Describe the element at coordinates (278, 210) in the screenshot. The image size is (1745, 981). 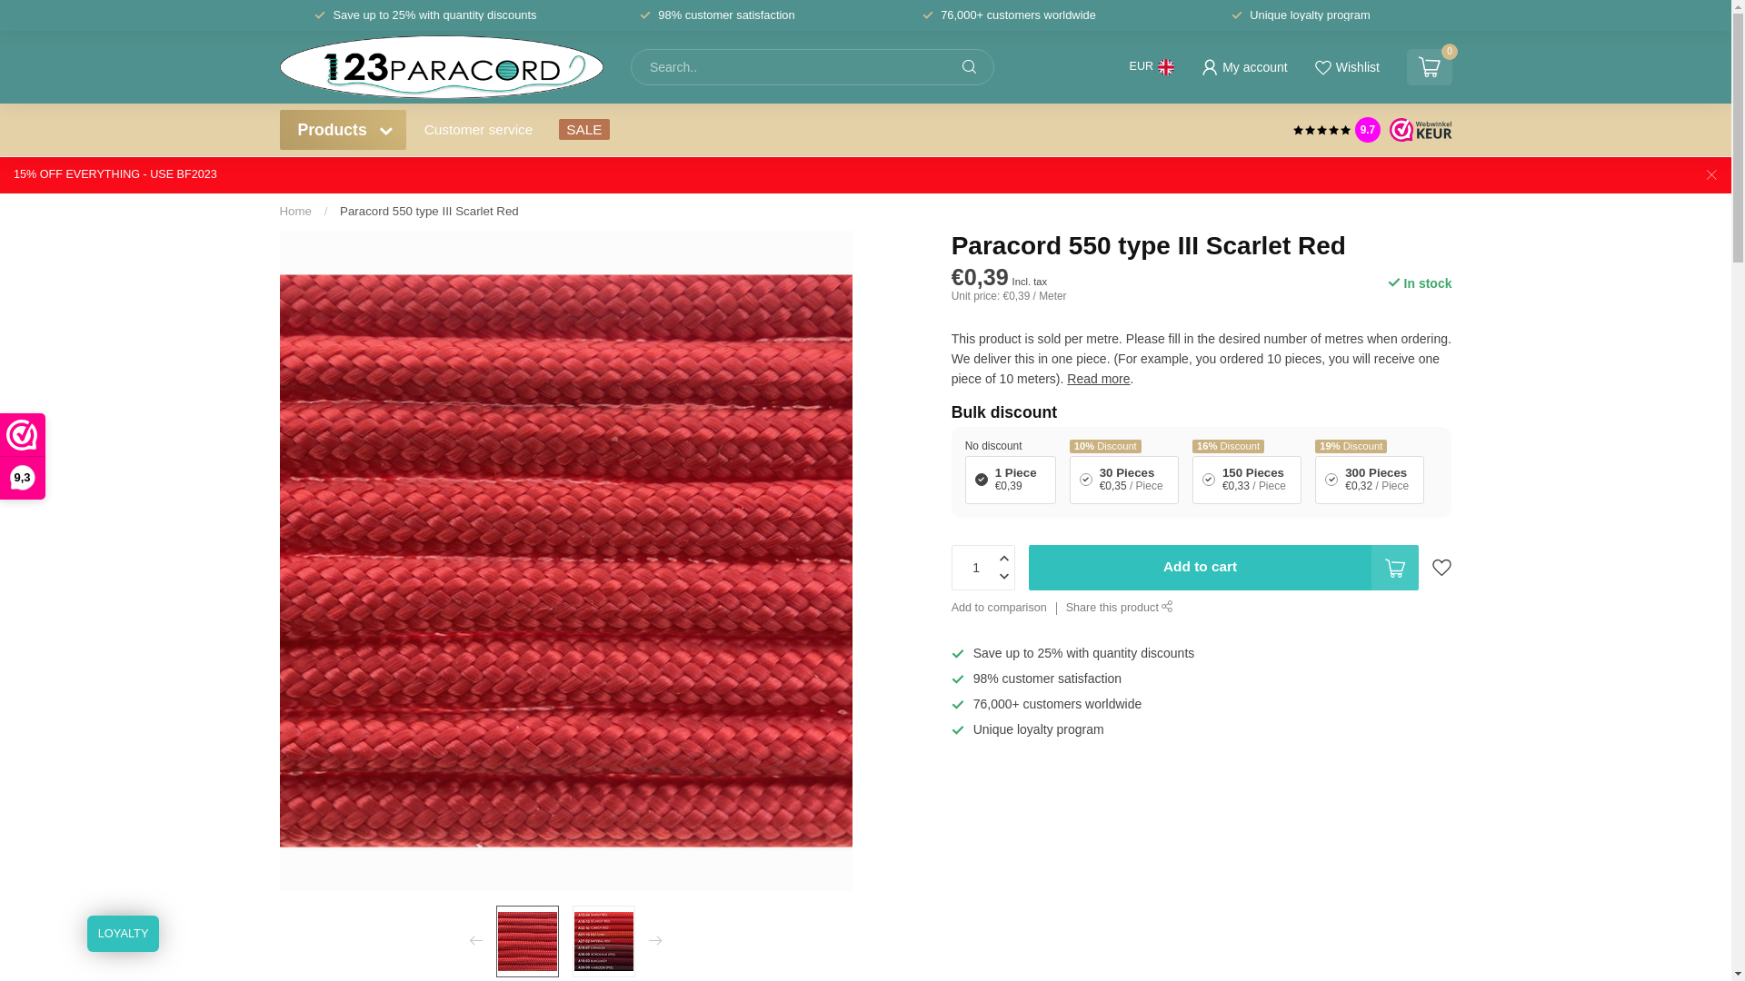
I see `'Home'` at that location.